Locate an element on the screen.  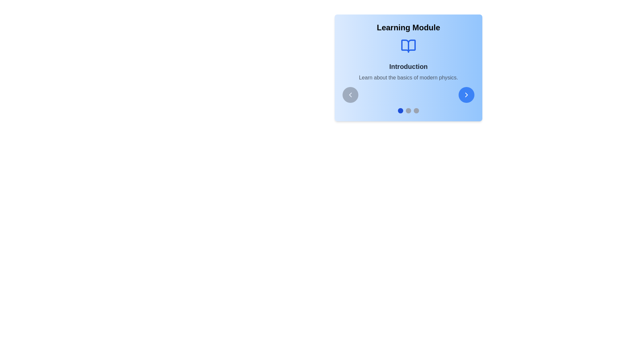
the icon representing a learning topic or module, located above the text 'Introduction' and below the header 'Learning Module' is located at coordinates (408, 45).